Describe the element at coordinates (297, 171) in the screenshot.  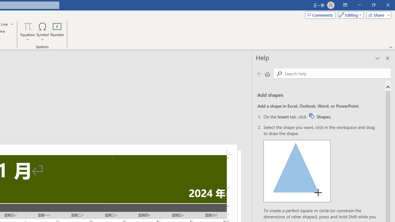
I see `'Drawing a shape'` at that location.